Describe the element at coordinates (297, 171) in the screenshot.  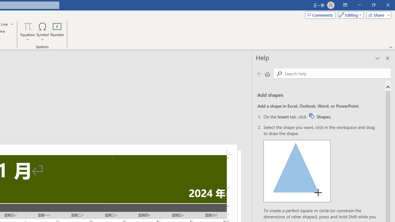
I see `'Drawing a shape'` at that location.